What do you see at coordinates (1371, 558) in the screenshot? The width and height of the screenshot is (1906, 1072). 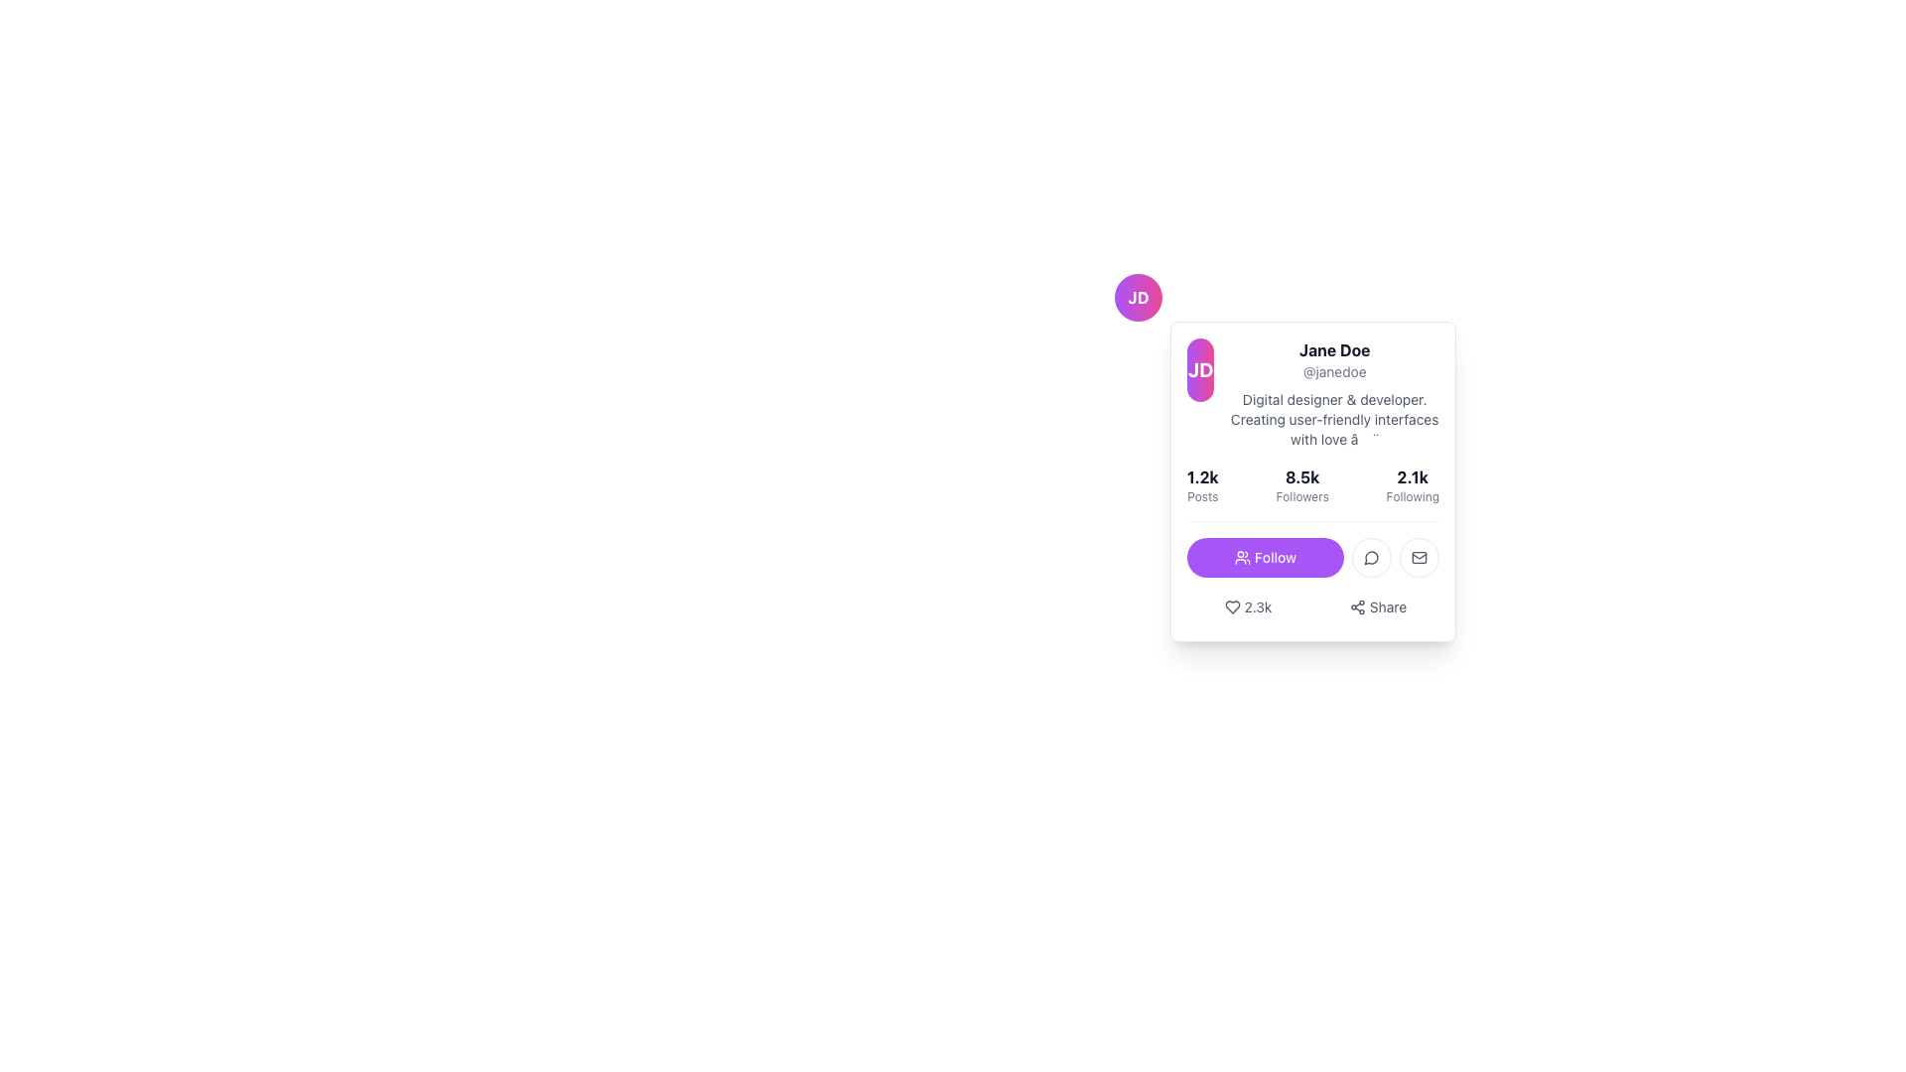 I see `the chat initiation button located near the center-right of the interface` at bounding box center [1371, 558].